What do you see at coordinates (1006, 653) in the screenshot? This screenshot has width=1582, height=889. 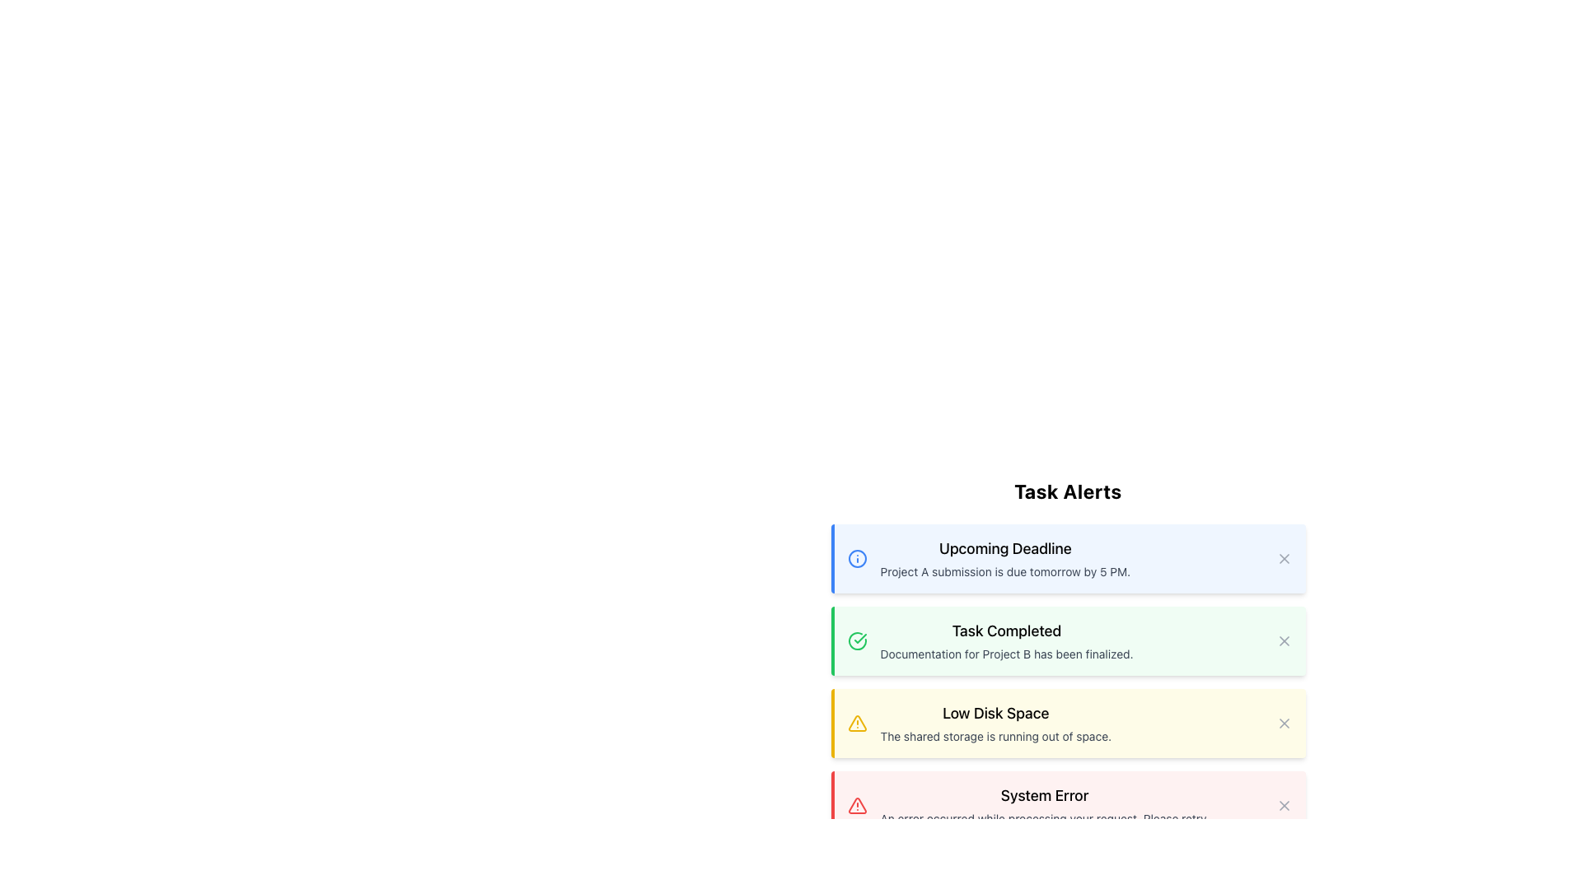 I see `descriptive text indicating that the documentation for Project B has been finalized, located within the second notification card below the 'Task Completed' title` at bounding box center [1006, 653].